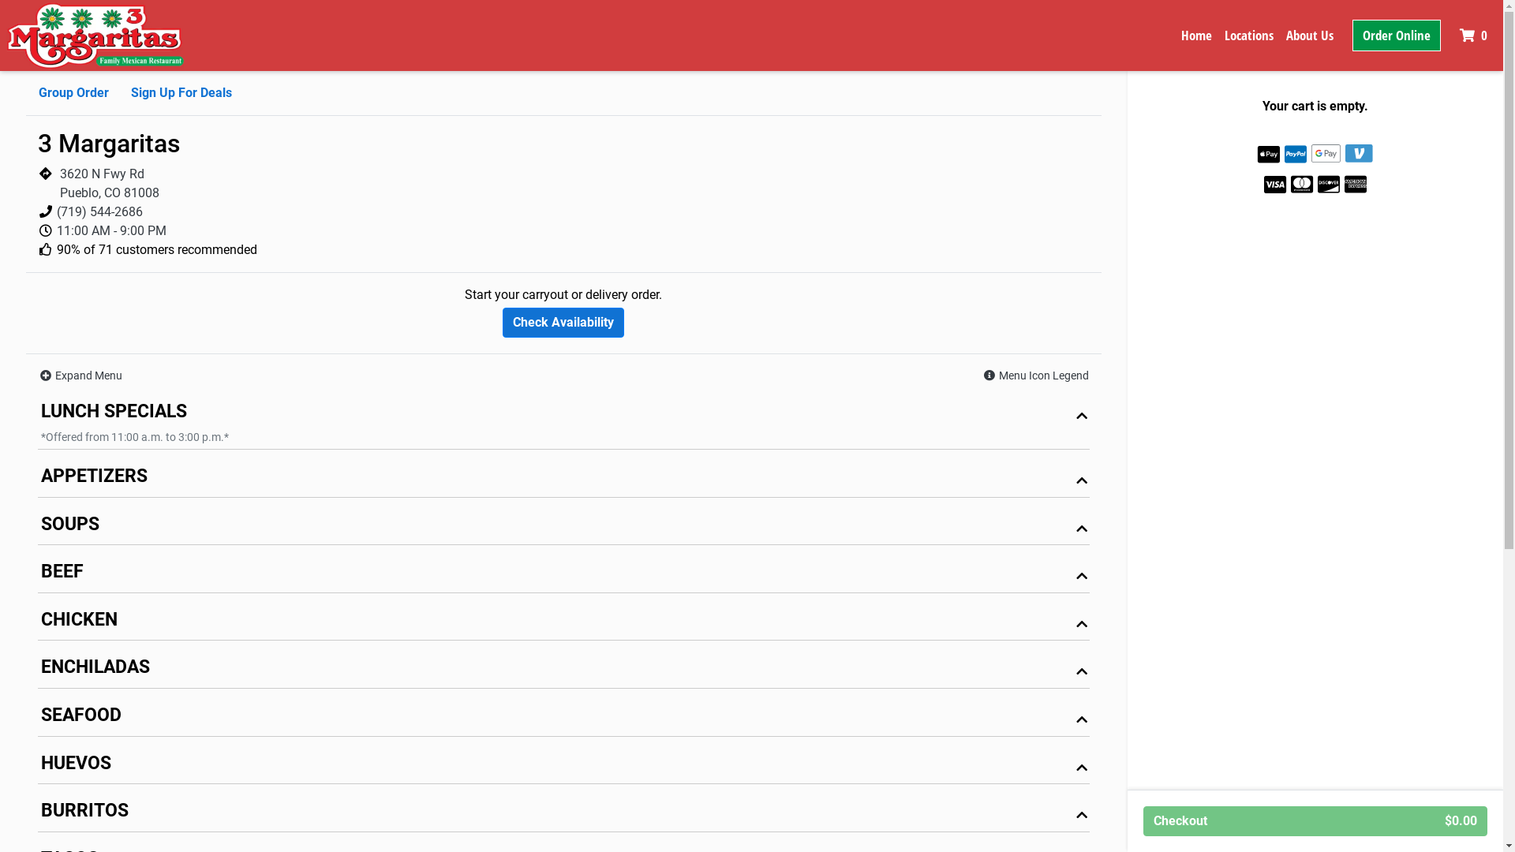  I want to click on 'Expand Menu', so click(79, 376).